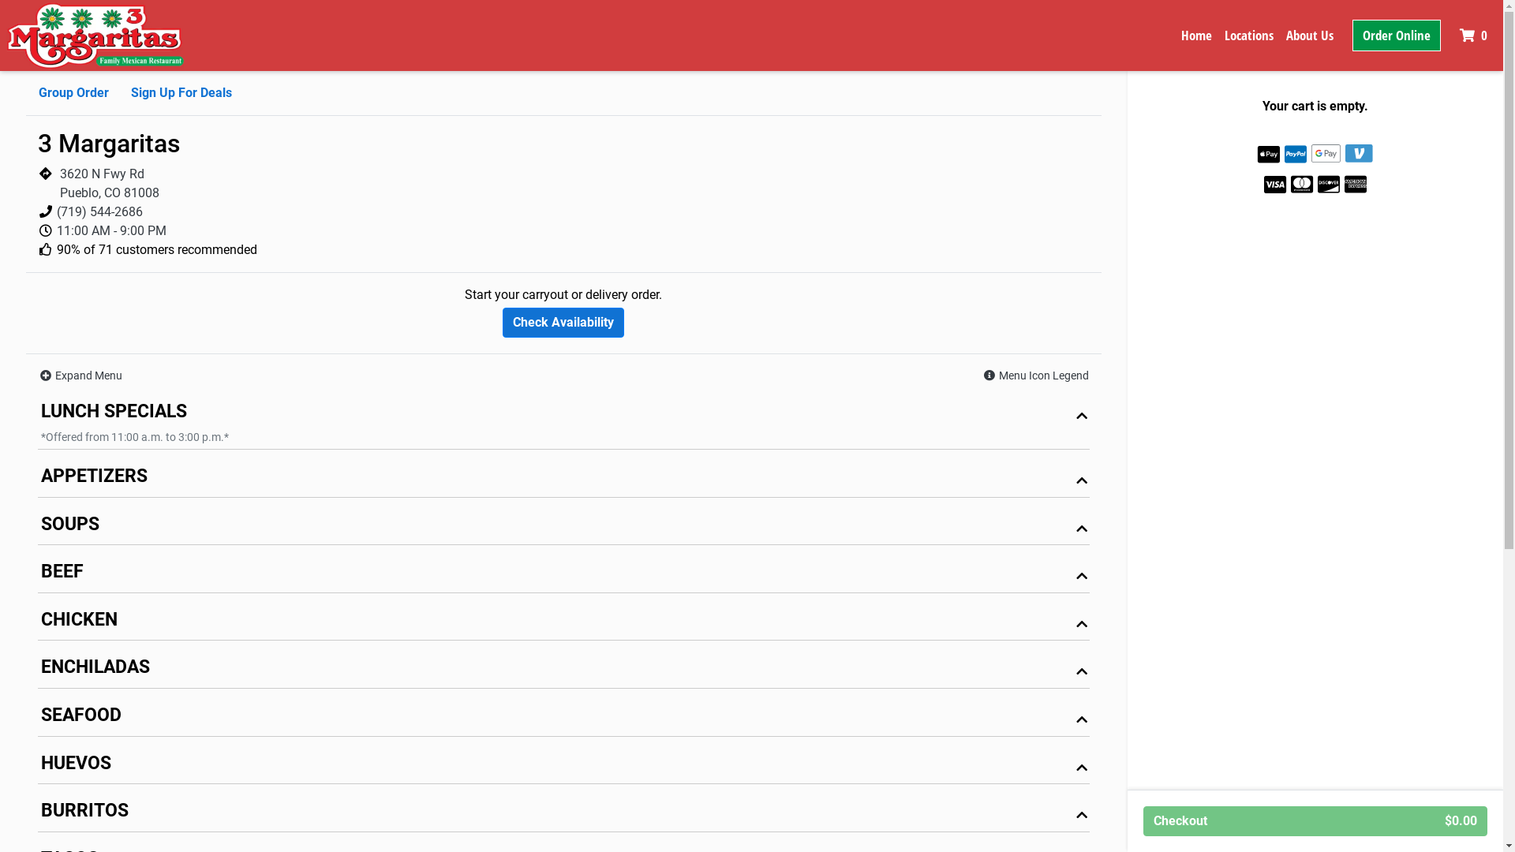  I want to click on 'Expand Menu', so click(79, 376).